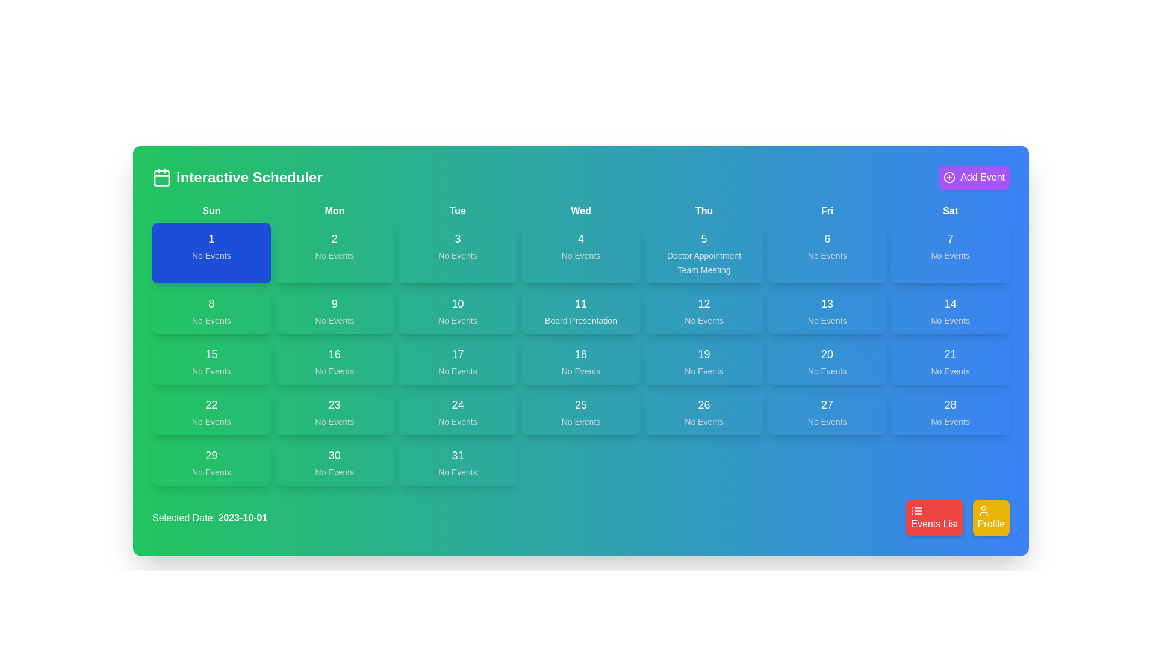  Describe the element at coordinates (457, 371) in the screenshot. I see `the text label indicating that no events are scheduled for the date '17' within the calendar card` at that location.